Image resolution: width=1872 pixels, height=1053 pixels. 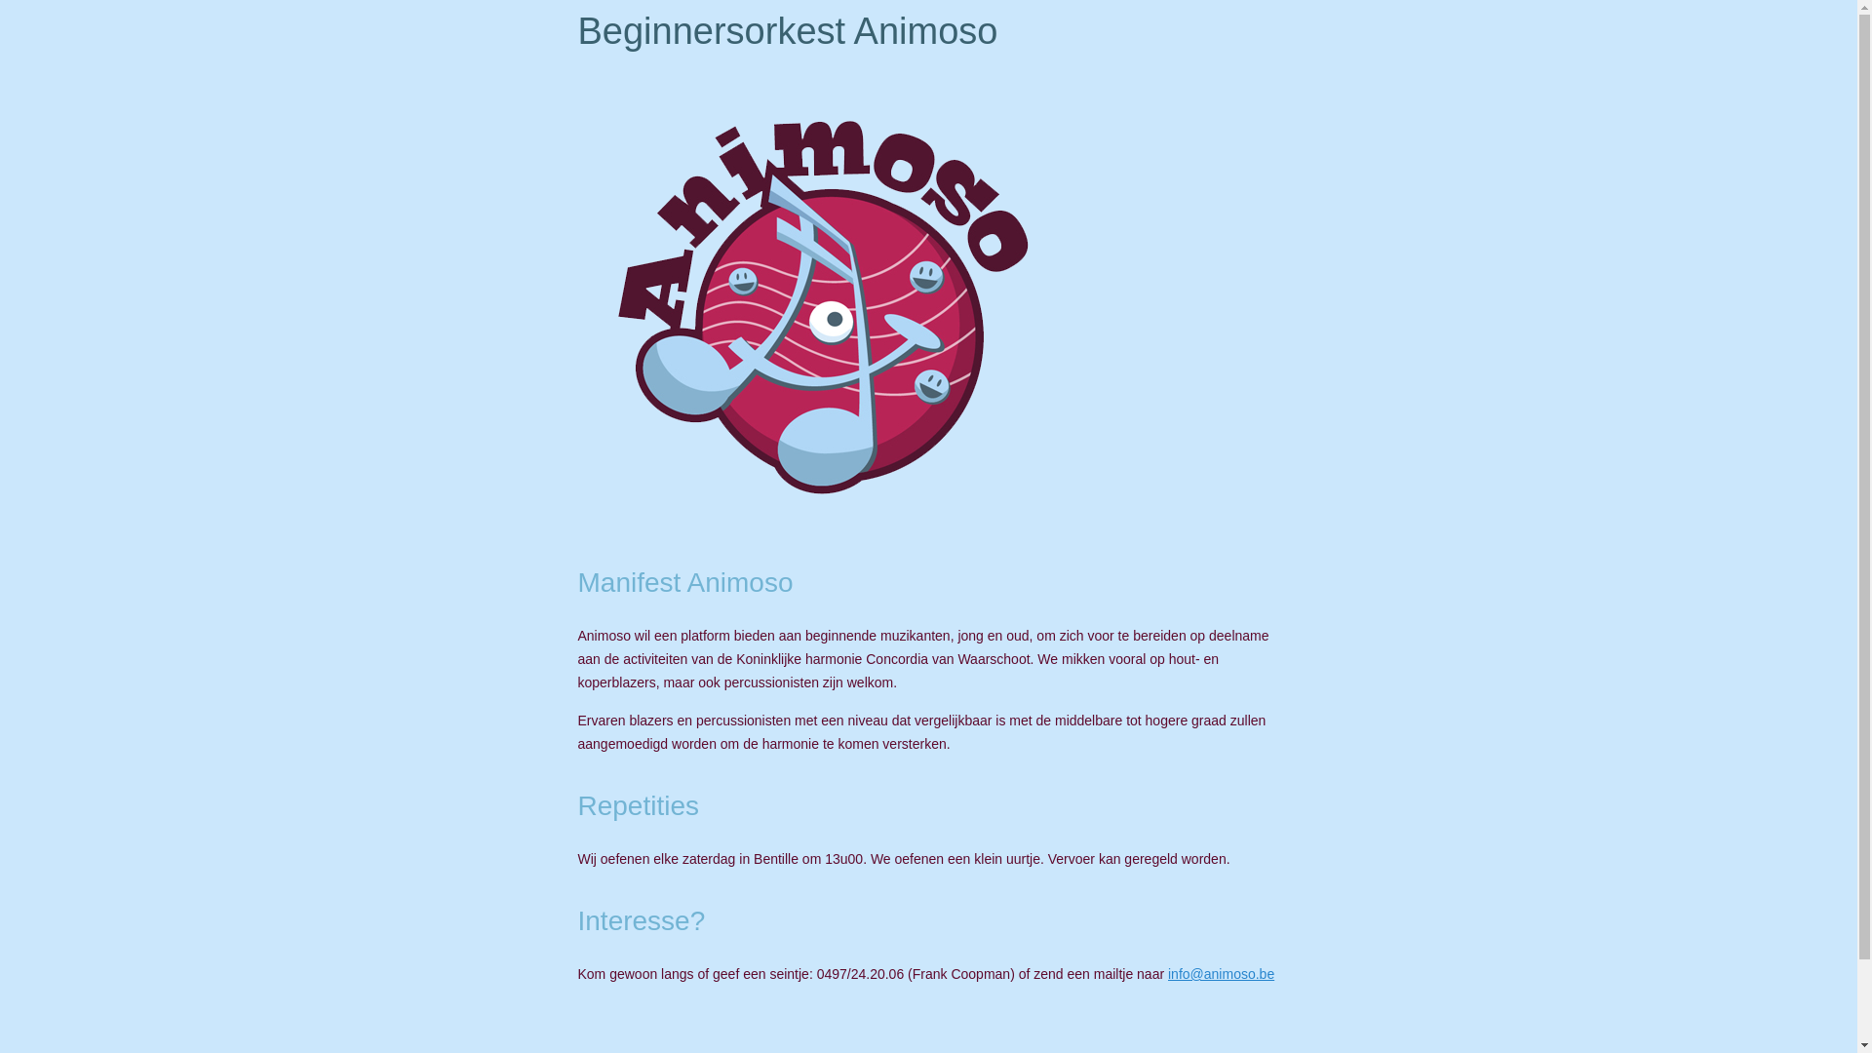 I want to click on 'info@animoso.be', so click(x=1220, y=974).